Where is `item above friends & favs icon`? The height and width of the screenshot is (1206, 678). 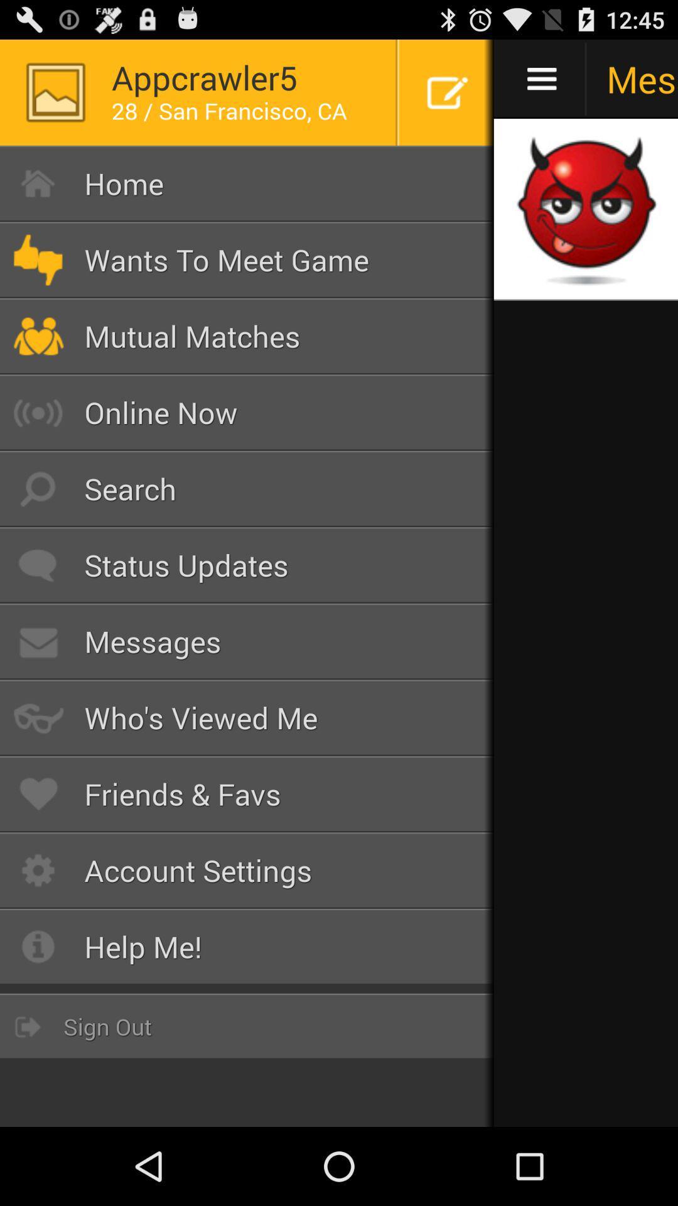
item above friends & favs icon is located at coordinates (247, 717).